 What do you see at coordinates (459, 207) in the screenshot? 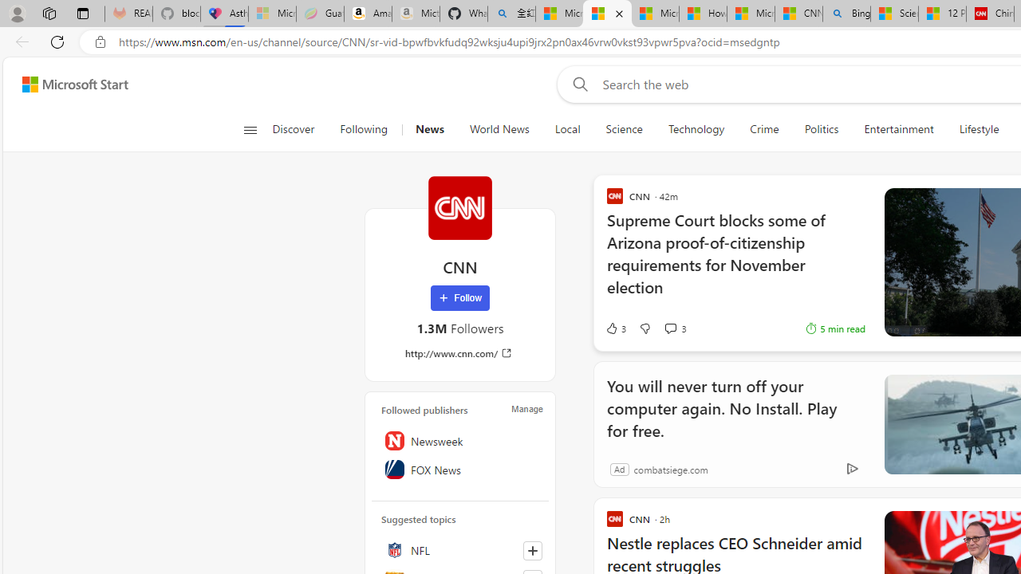
I see `'CNN'` at bounding box center [459, 207].